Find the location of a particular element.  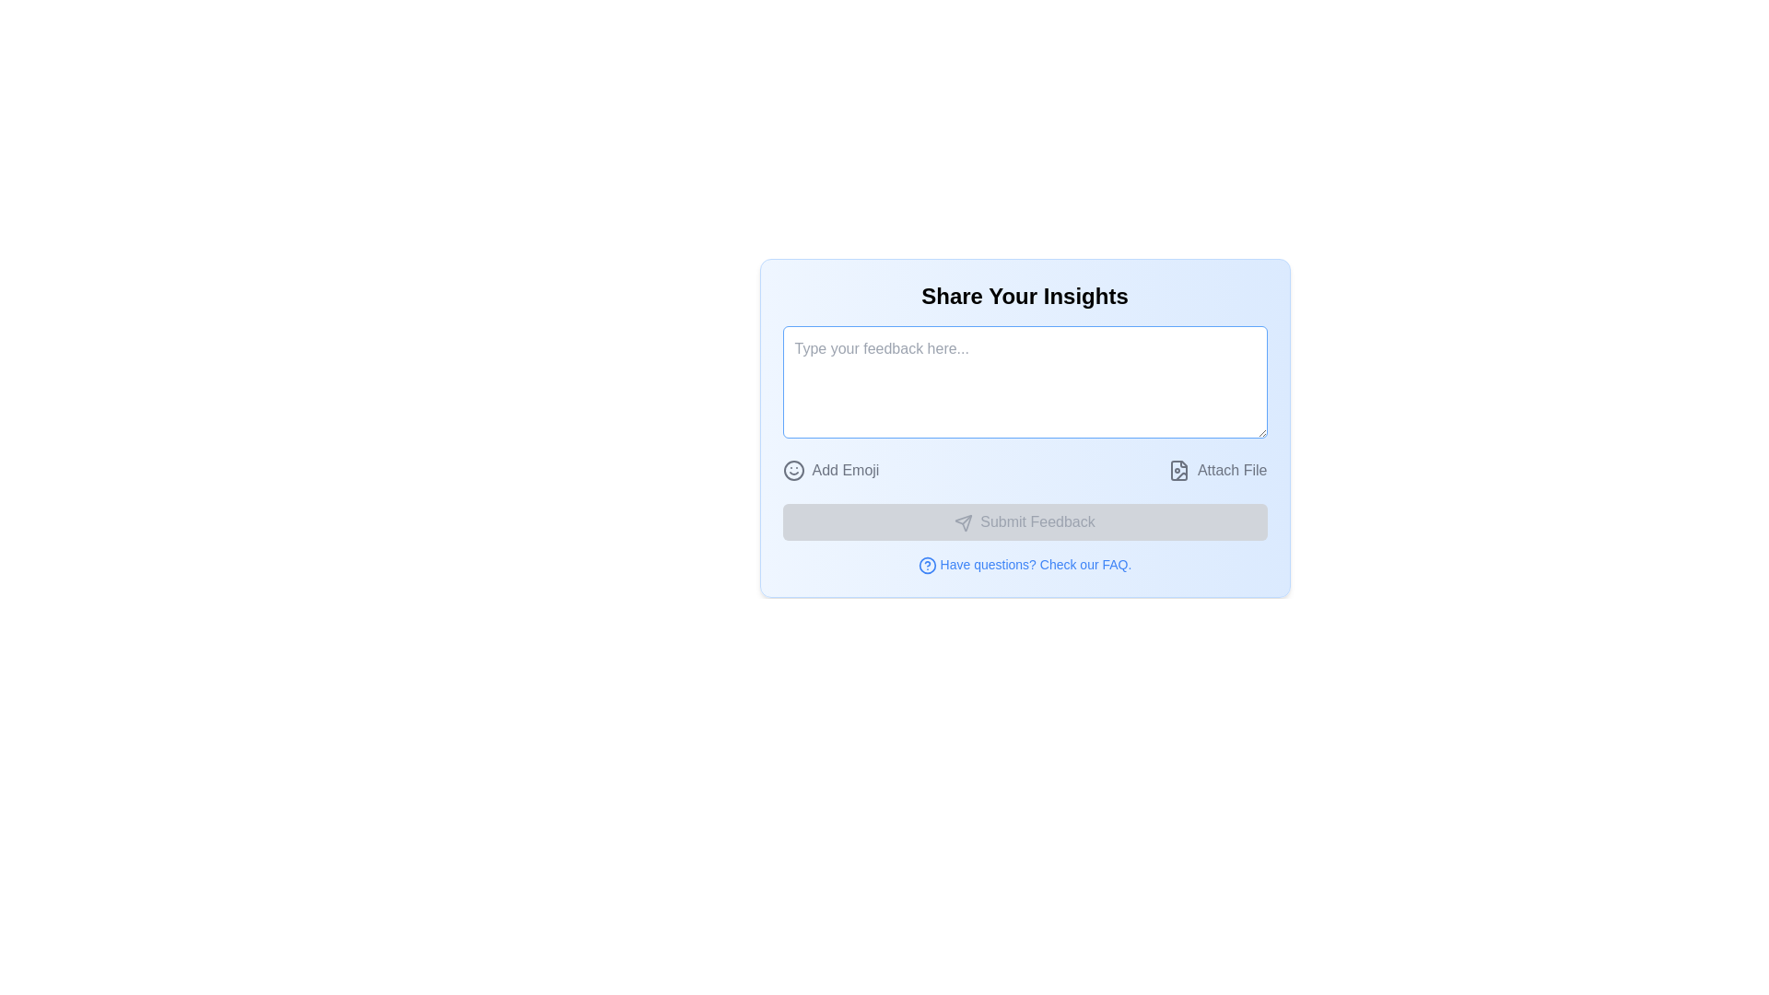

the gray document icon with a small image file symbol next to the 'Attach File' text is located at coordinates (1177, 469).